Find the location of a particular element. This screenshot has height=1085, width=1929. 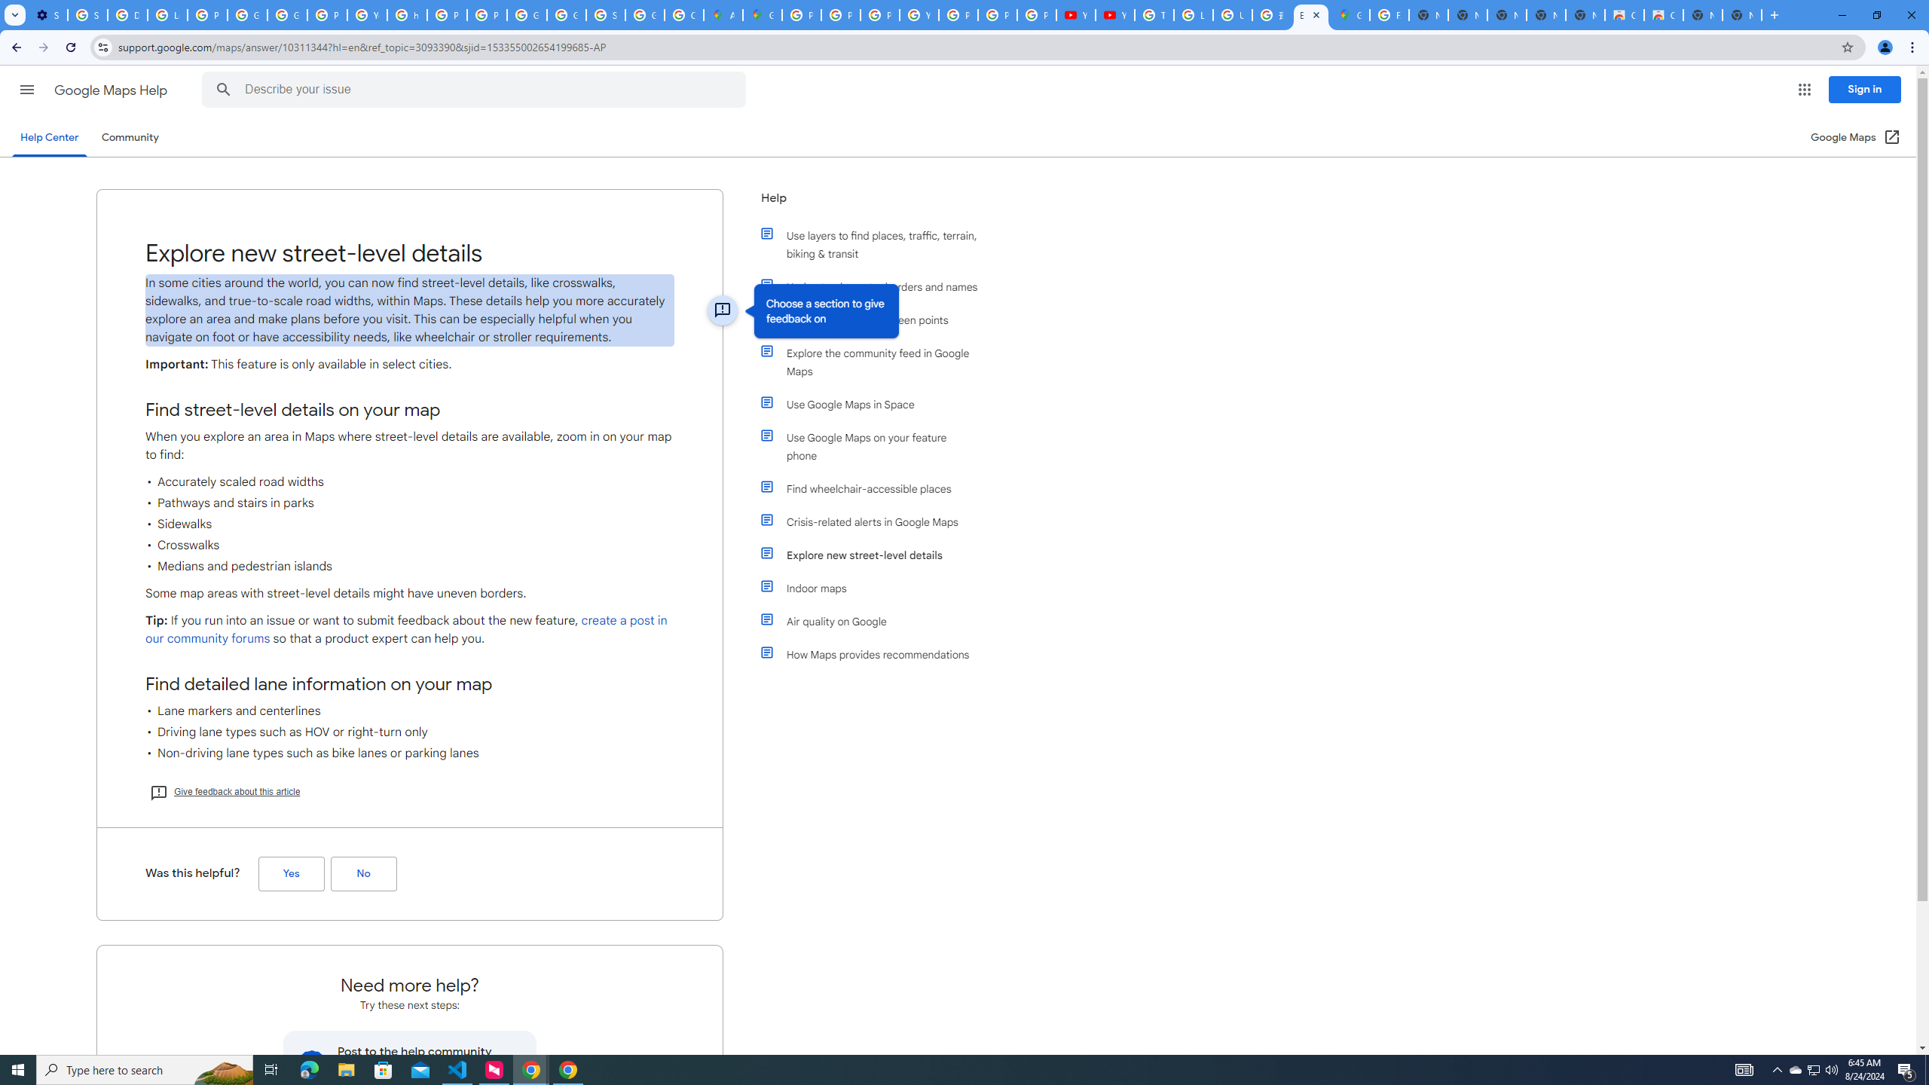

'Describe your issue' is located at coordinates (476, 89).